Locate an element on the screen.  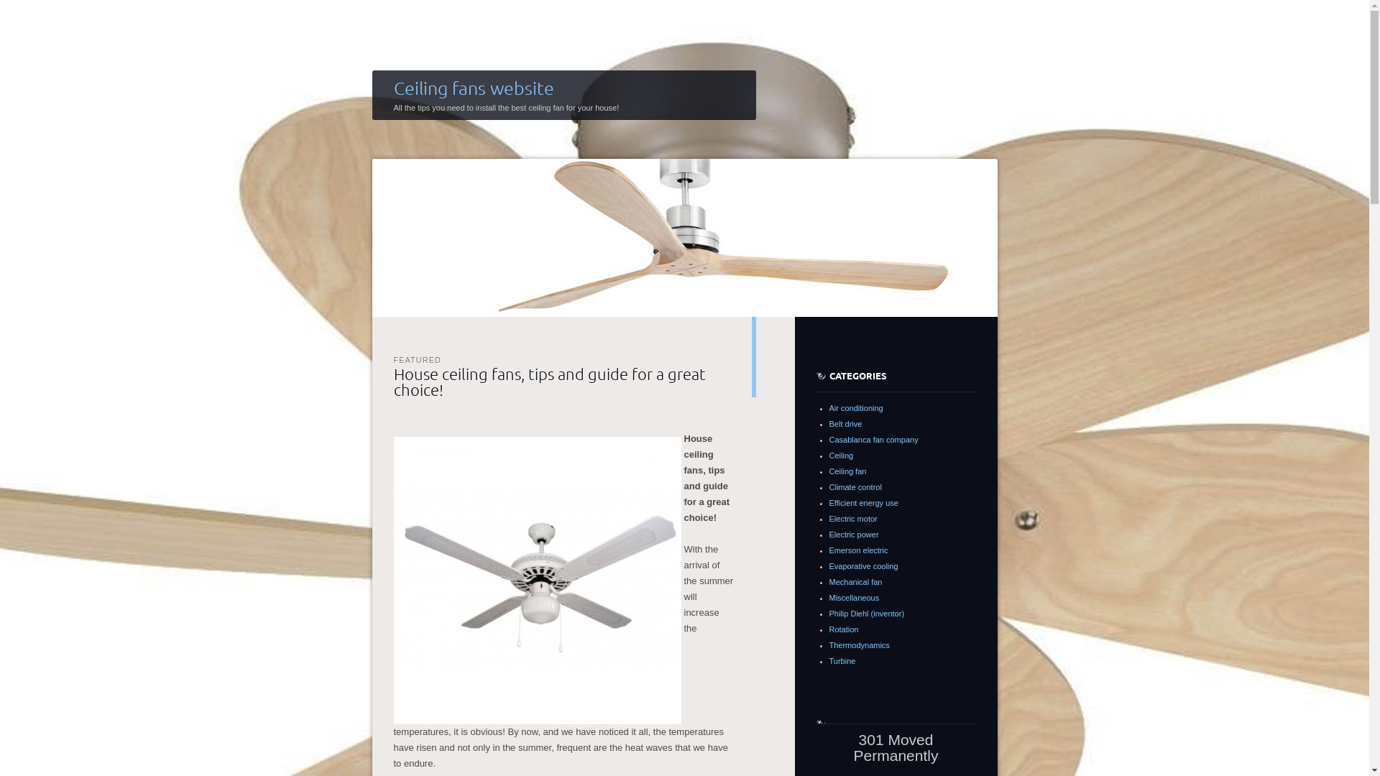
'Philip Diehl (inventor)' is located at coordinates (829, 613).